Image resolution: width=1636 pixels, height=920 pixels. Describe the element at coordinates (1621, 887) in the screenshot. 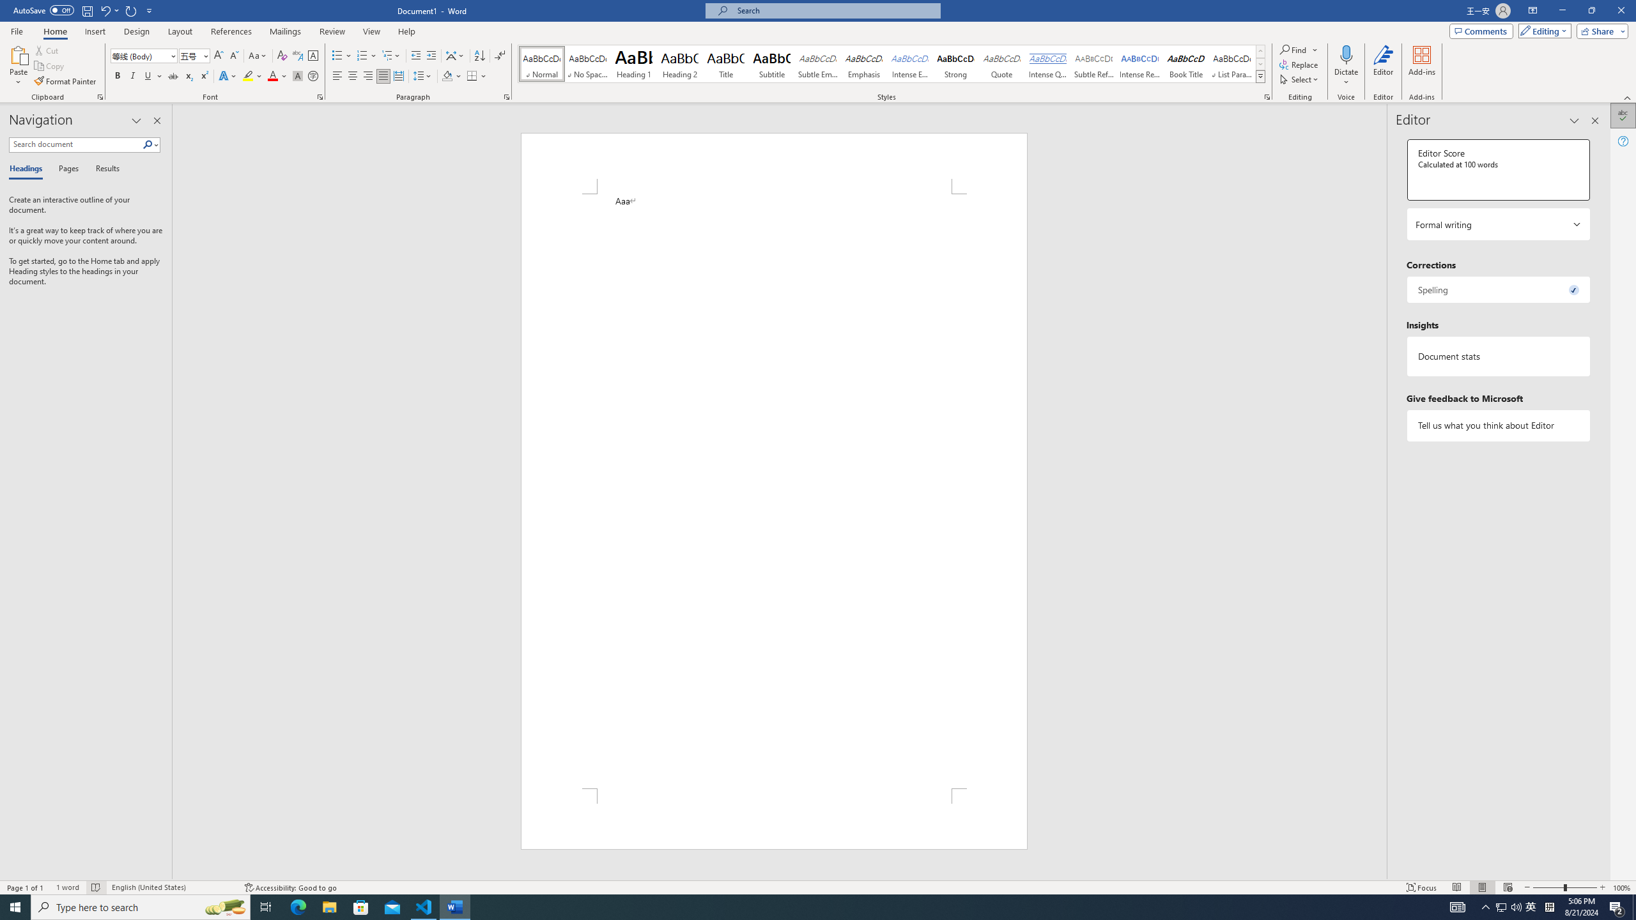

I see `'Zoom 100%'` at that location.